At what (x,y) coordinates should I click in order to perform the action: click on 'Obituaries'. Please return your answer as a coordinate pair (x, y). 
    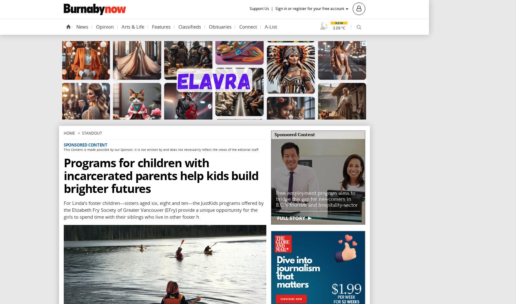
    Looking at the image, I should click on (220, 26).